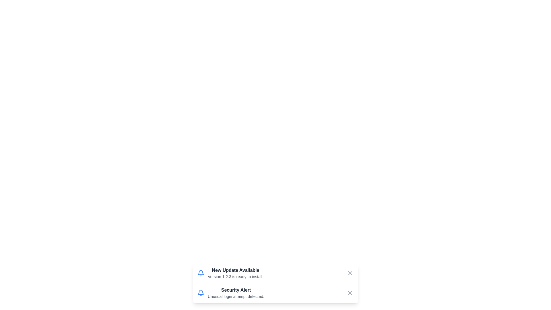 The image size is (551, 310). What do you see at coordinates (350, 293) in the screenshot?
I see `close button for the notification titled 'Security Alert'` at bounding box center [350, 293].